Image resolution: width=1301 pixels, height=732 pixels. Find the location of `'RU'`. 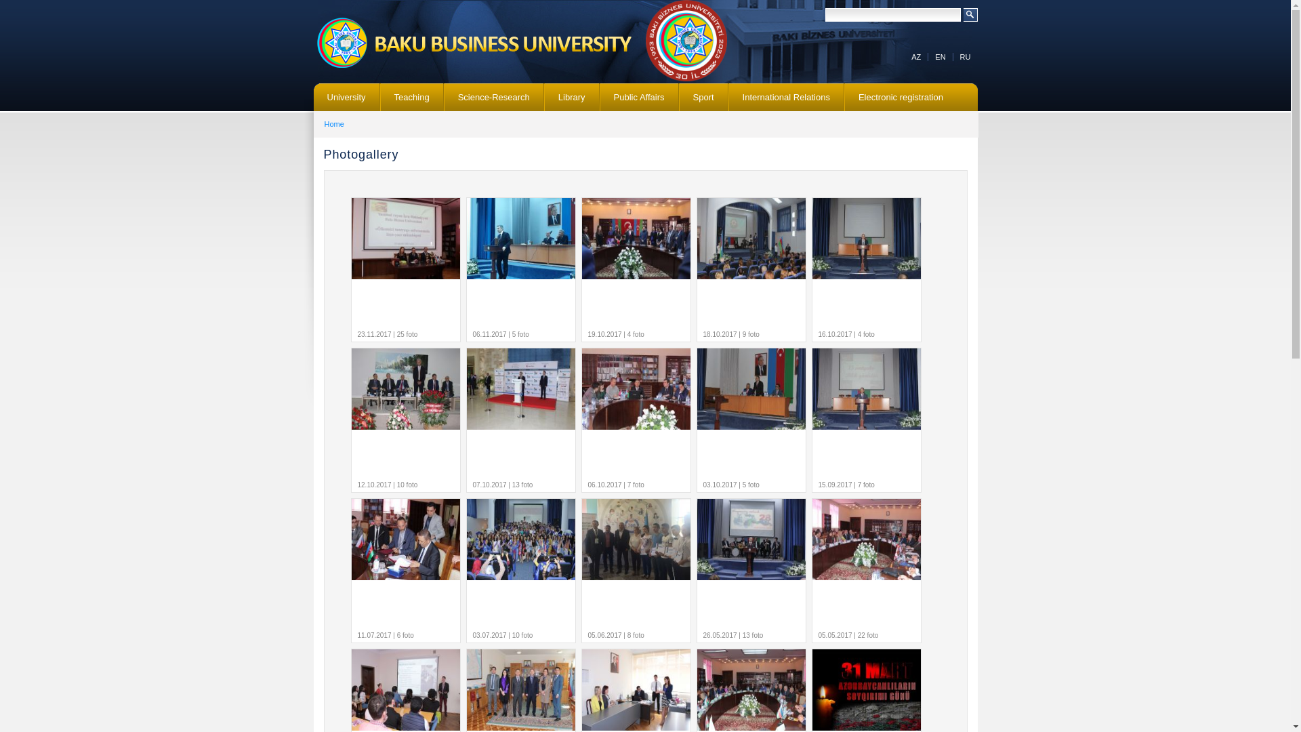

'RU' is located at coordinates (965, 56).